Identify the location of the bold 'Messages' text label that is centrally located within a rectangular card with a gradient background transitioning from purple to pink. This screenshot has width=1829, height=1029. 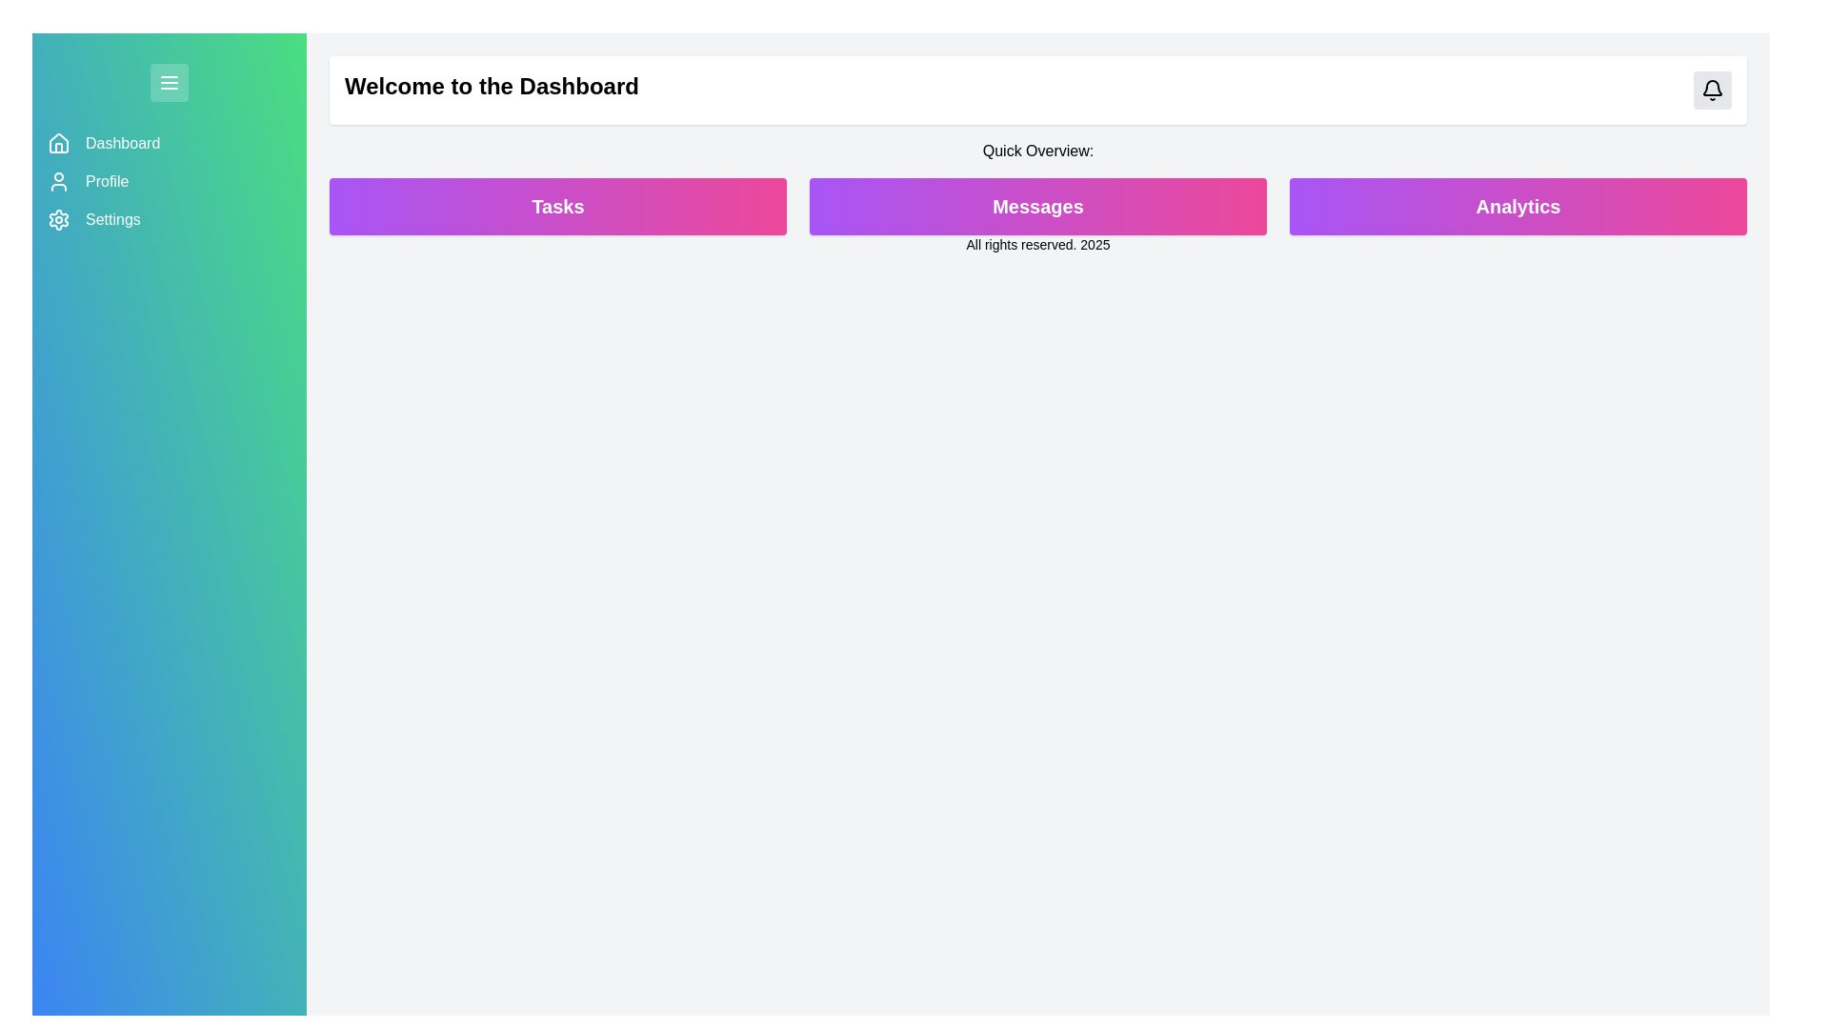
(1036, 206).